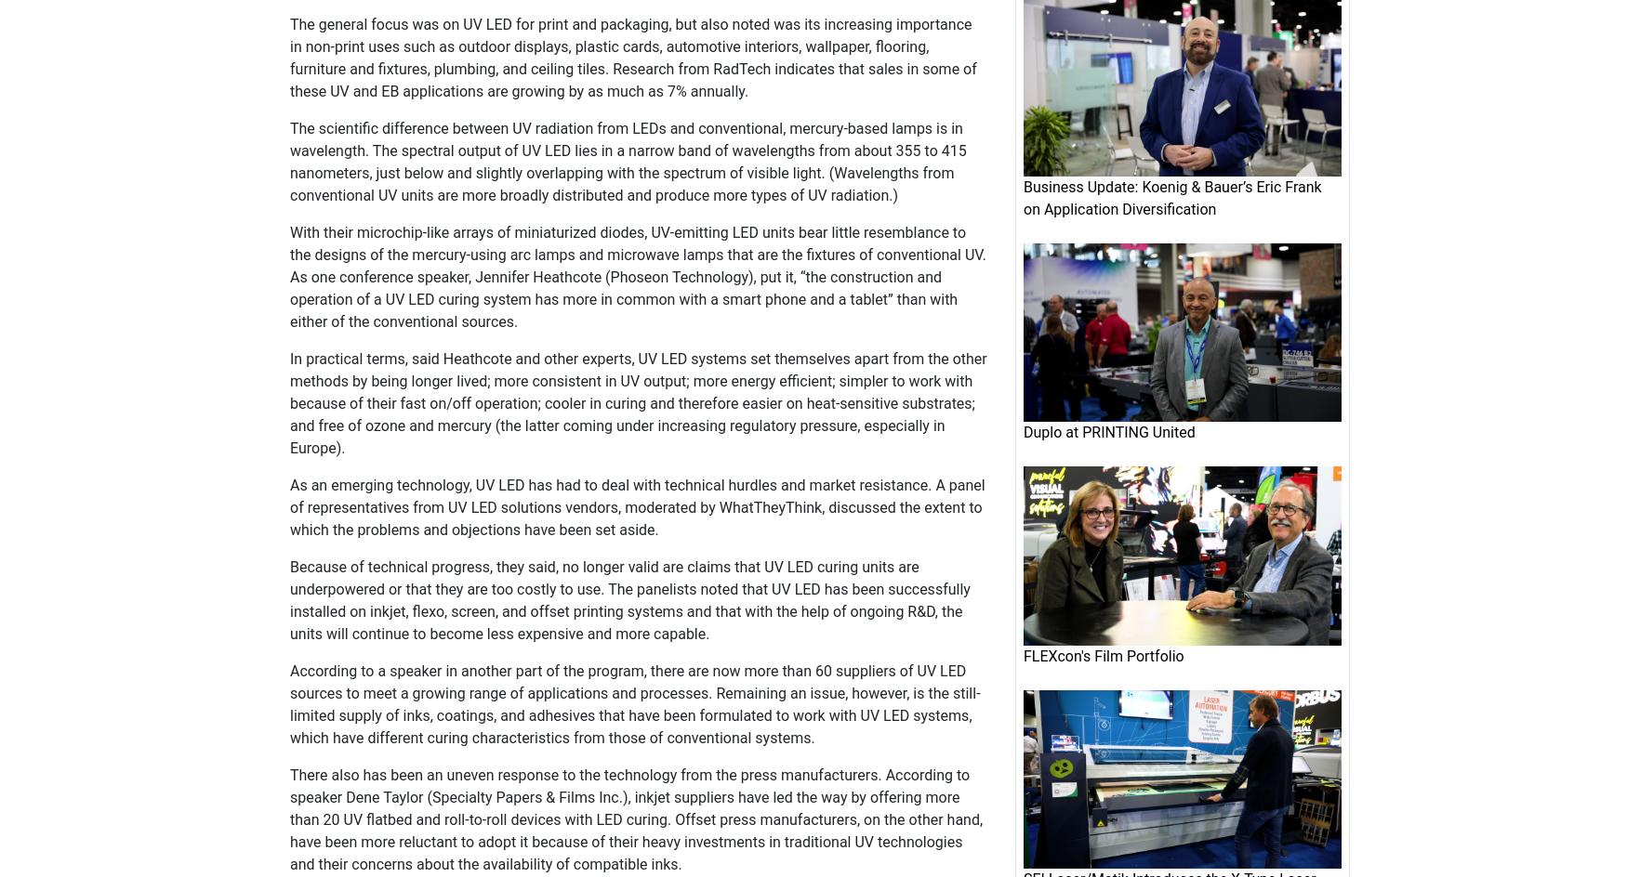  What do you see at coordinates (633, 57) in the screenshot?
I see `'The general focus was on UV LED for print and packaging, but also noted was its increasing importance in non-print uses such as outdoor displays, plastic cards, automotive interiors, wallpaper, flooring, furniture and fixtures, plumbing, and ceiling tiles. Research from RadTech indicates that sales in some of these UV and EB applications are growing by as much as 7% annually.'` at bounding box center [633, 57].